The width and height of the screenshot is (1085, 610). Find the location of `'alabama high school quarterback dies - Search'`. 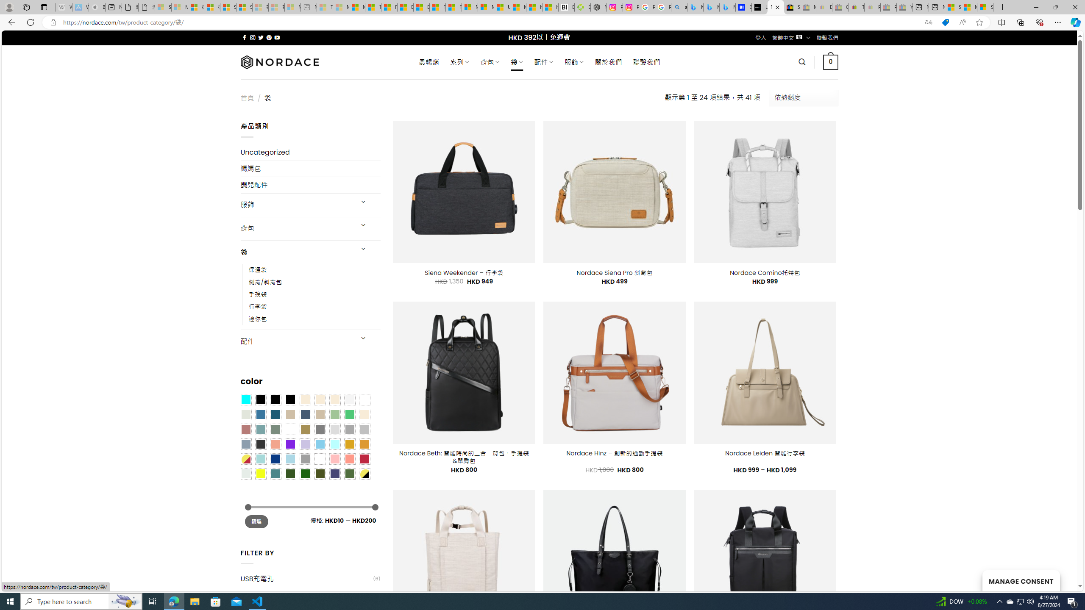

'alabama high school quarterback dies - Search' is located at coordinates (679, 7).